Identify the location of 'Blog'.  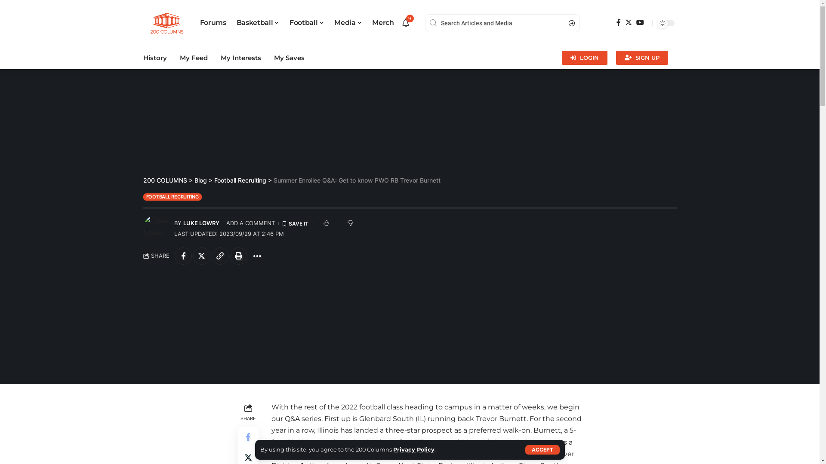
(194, 180).